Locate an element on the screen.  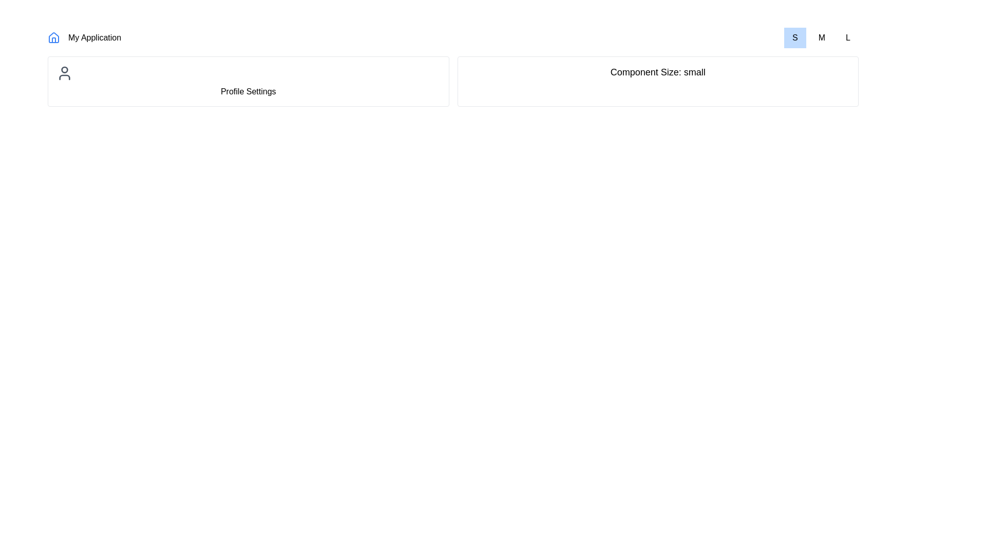
the 'Small' button in the top-right toolbar is located at coordinates (794, 37).